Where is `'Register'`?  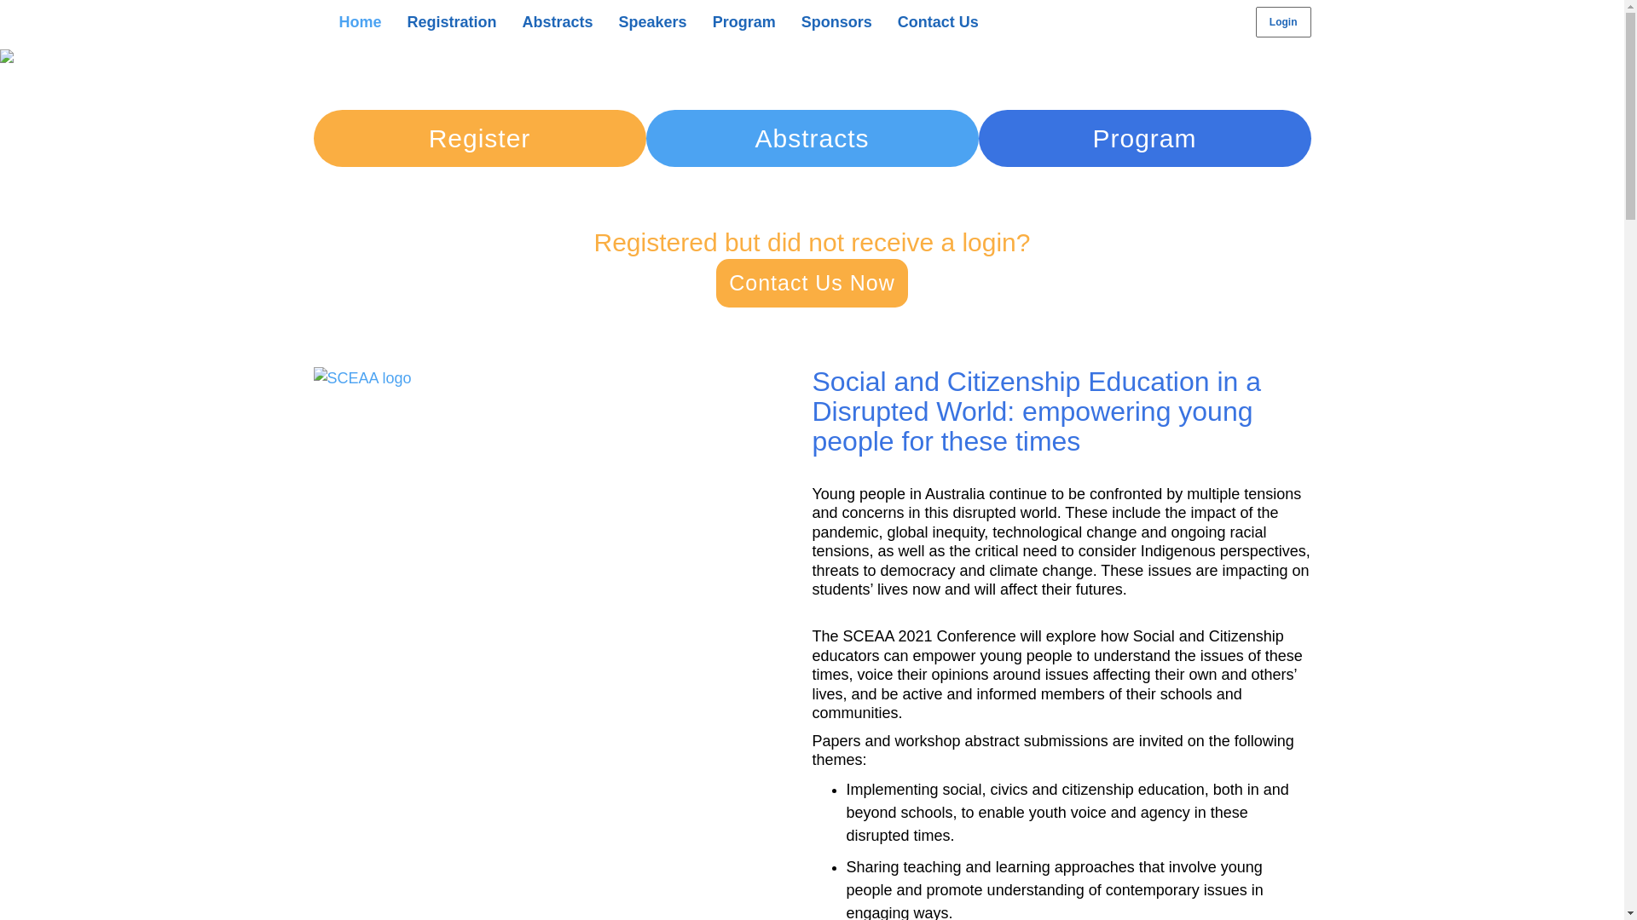 'Register' is located at coordinates (478, 137).